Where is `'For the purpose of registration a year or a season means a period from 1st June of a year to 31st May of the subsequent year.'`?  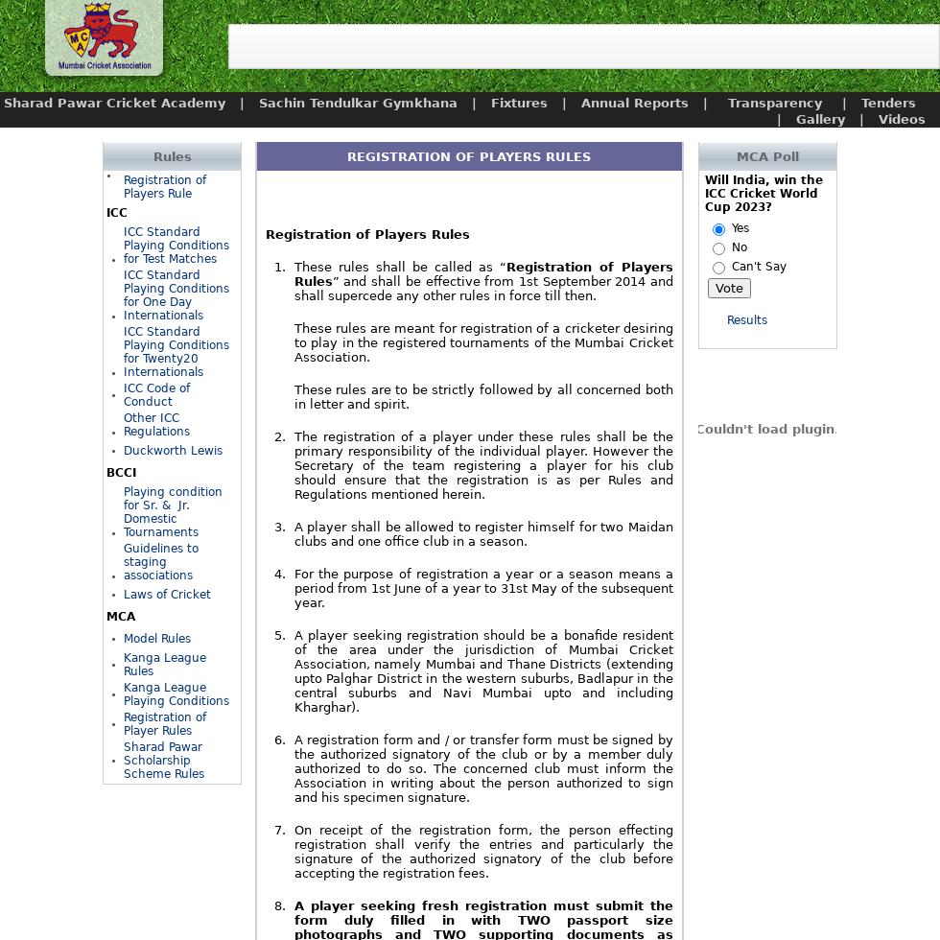
'For the purpose of registration a year or a season means a period from 1st June of a year to 31st May of the subsequent year.' is located at coordinates (482, 588).